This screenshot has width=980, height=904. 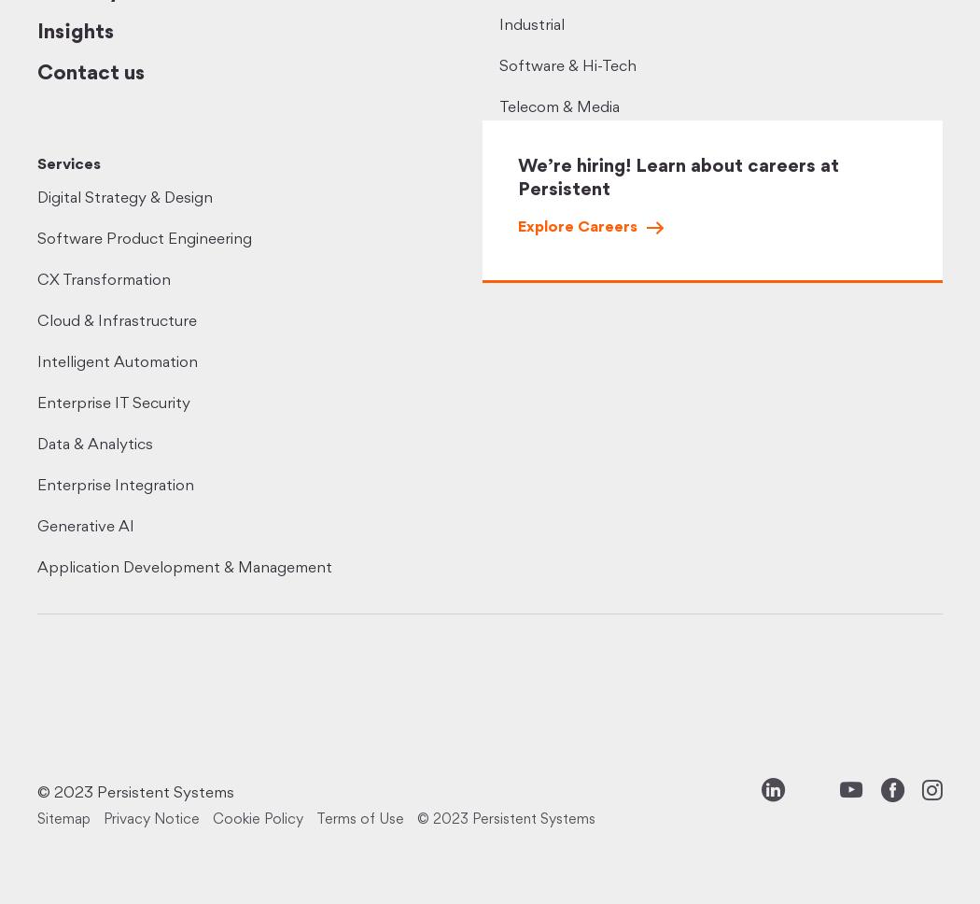 What do you see at coordinates (116, 321) in the screenshot?
I see `'Cloud & Infrastructure'` at bounding box center [116, 321].